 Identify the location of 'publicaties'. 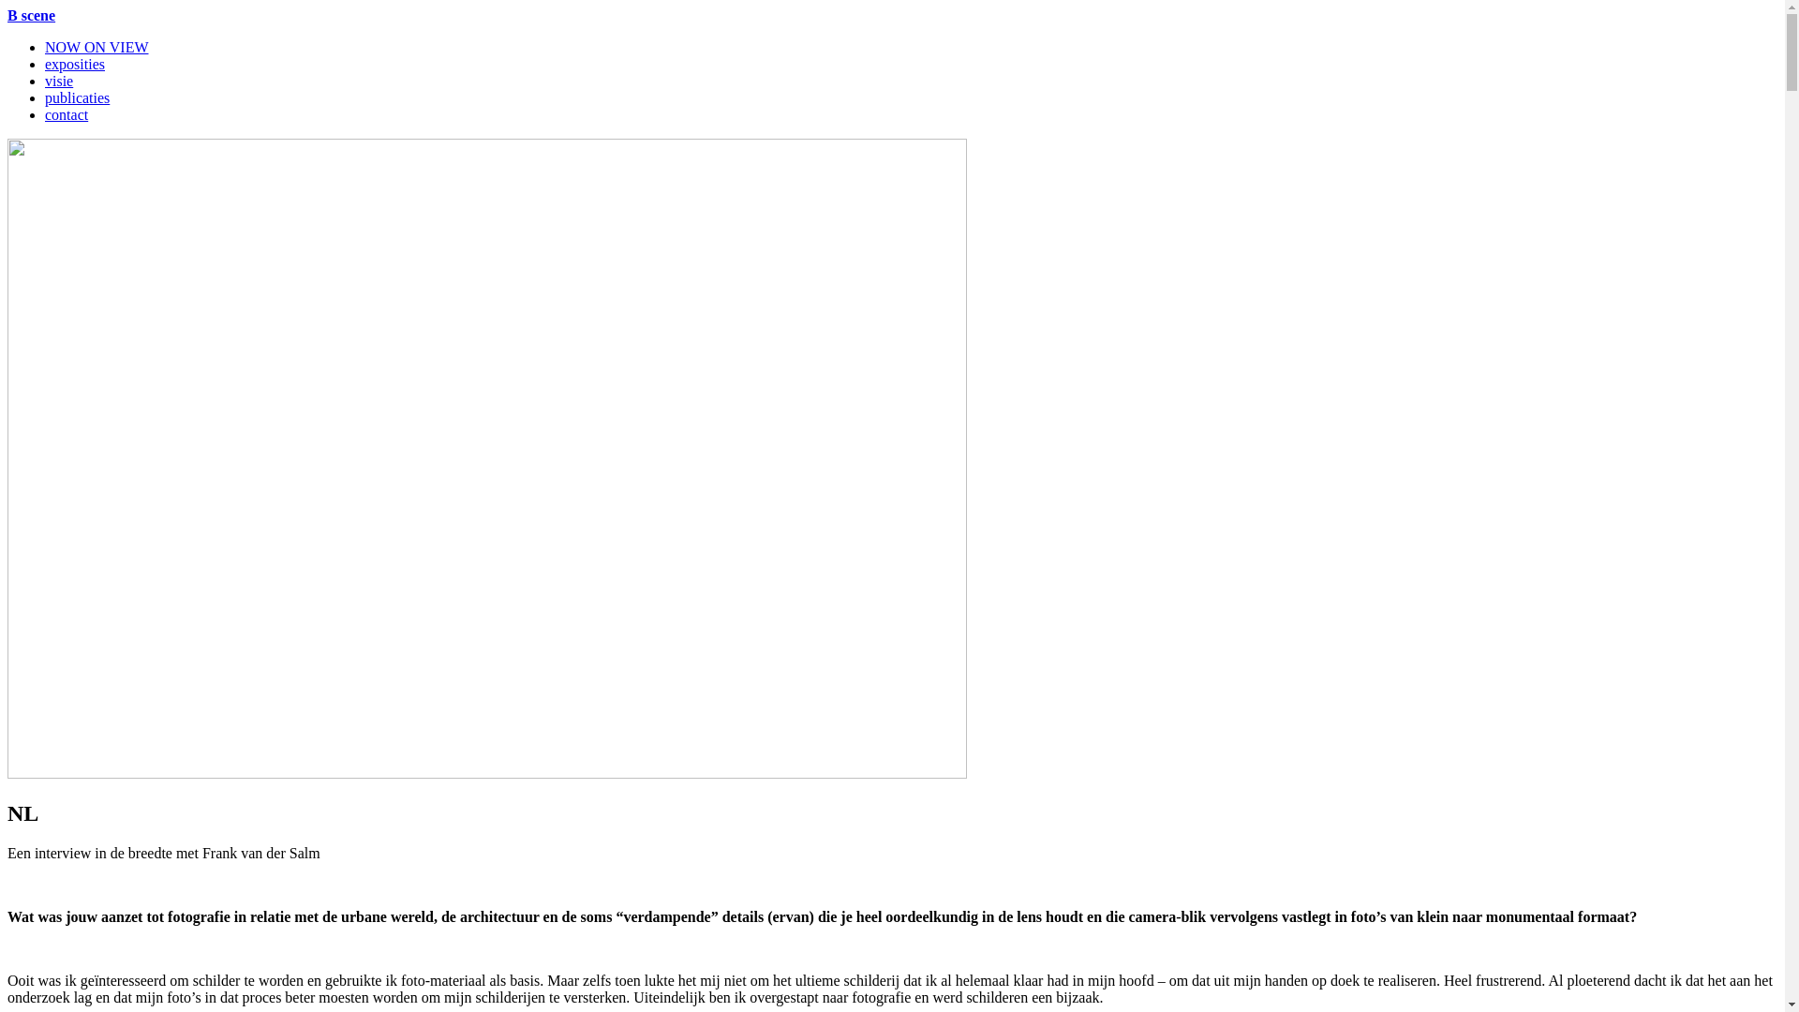
(76, 97).